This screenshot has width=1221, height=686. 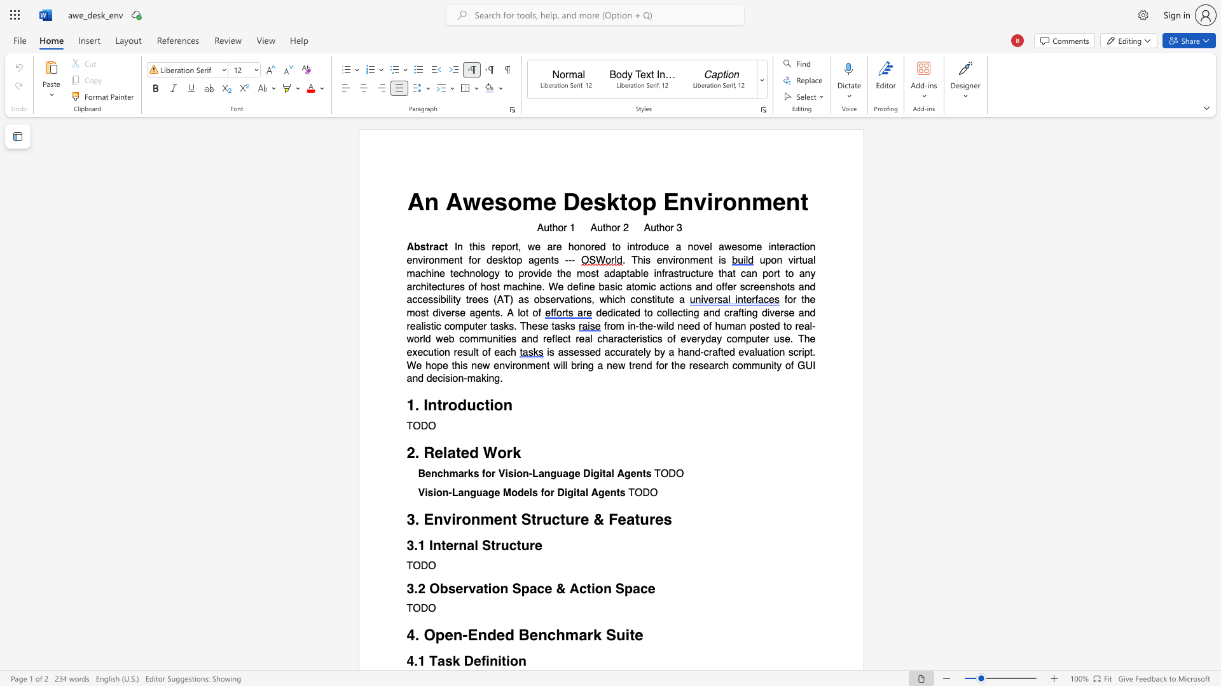 I want to click on the 3th character "e" in the text, so click(x=607, y=492).